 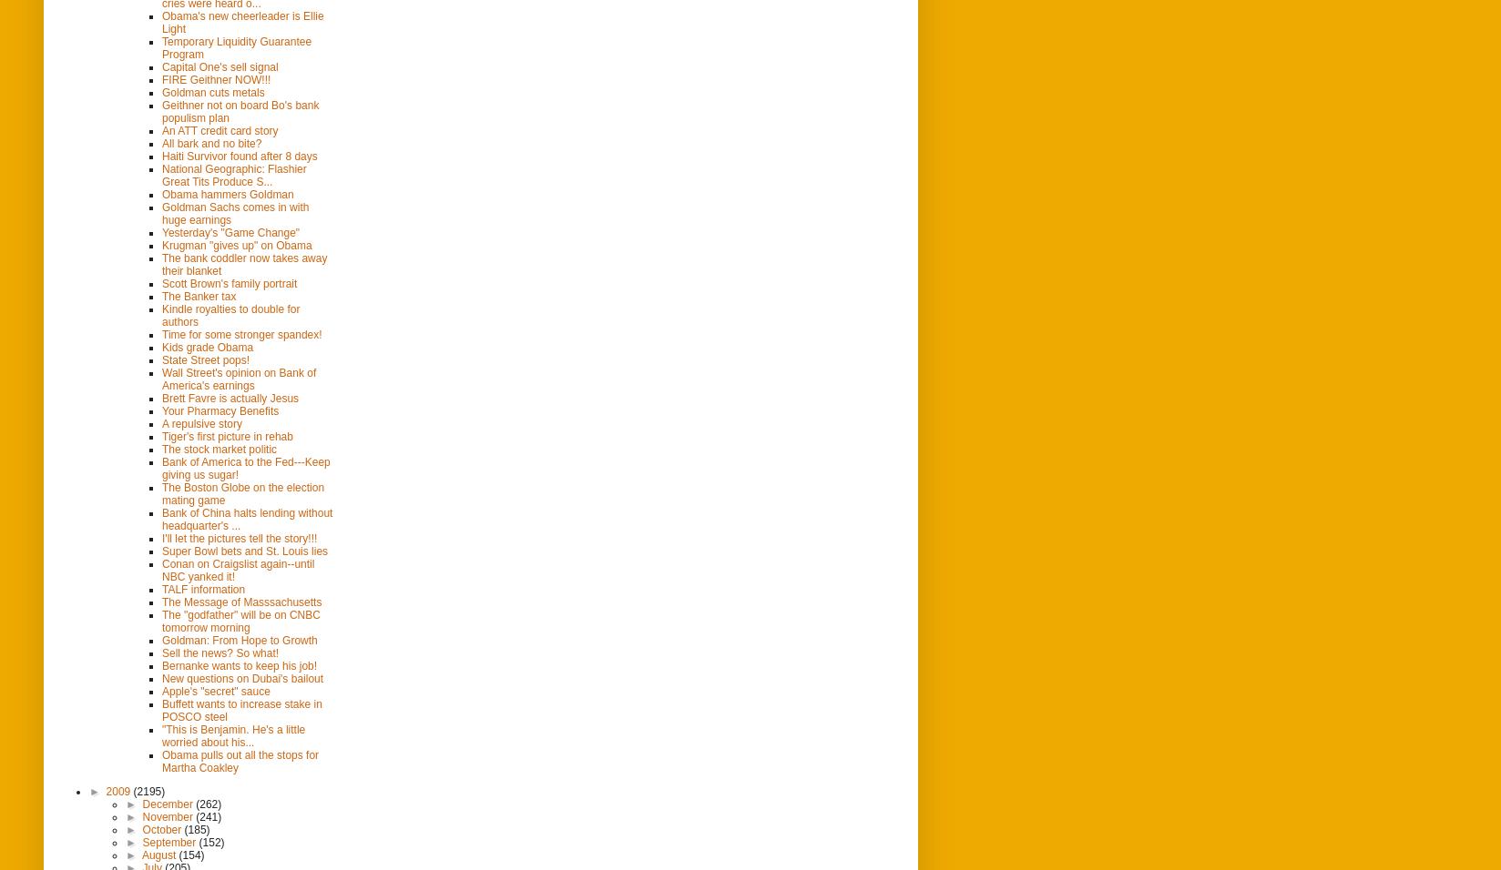 What do you see at coordinates (196, 828) in the screenshot?
I see `'(185)'` at bounding box center [196, 828].